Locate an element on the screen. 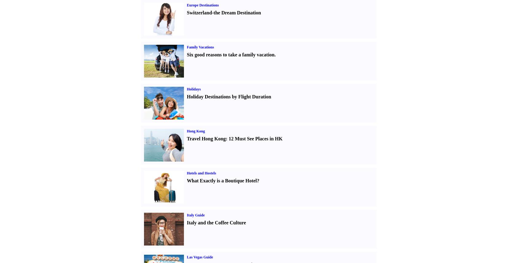 The height and width of the screenshot is (263, 522). 'Europe Destinations' is located at coordinates (202, 5).